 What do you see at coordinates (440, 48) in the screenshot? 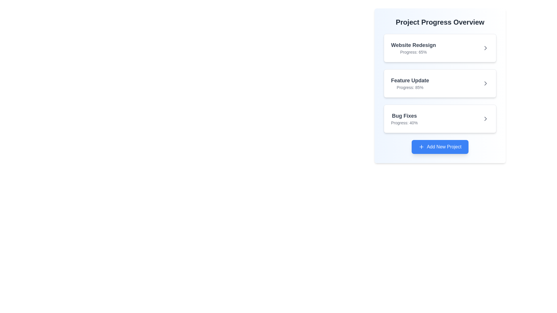
I see `the first list item titled 'Website Redesign' in the 'Project Progress Overview' card` at bounding box center [440, 48].